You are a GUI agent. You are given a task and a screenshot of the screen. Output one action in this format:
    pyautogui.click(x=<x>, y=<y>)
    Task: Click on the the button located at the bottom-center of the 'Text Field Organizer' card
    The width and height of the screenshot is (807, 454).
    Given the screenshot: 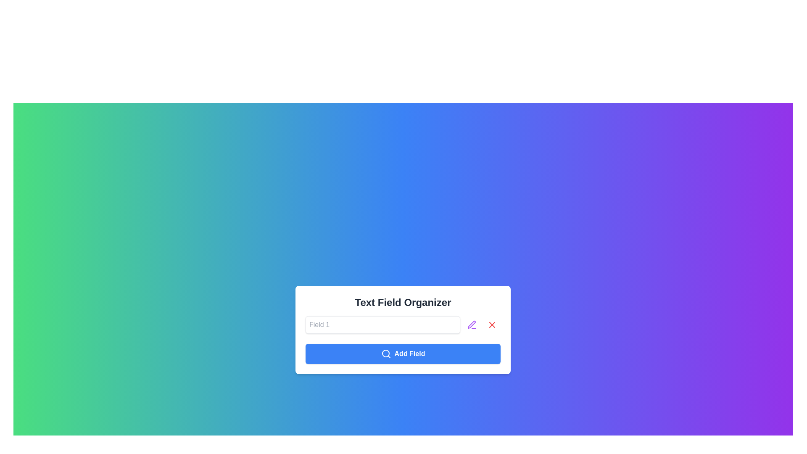 What is the action you would take?
    pyautogui.click(x=403, y=354)
    